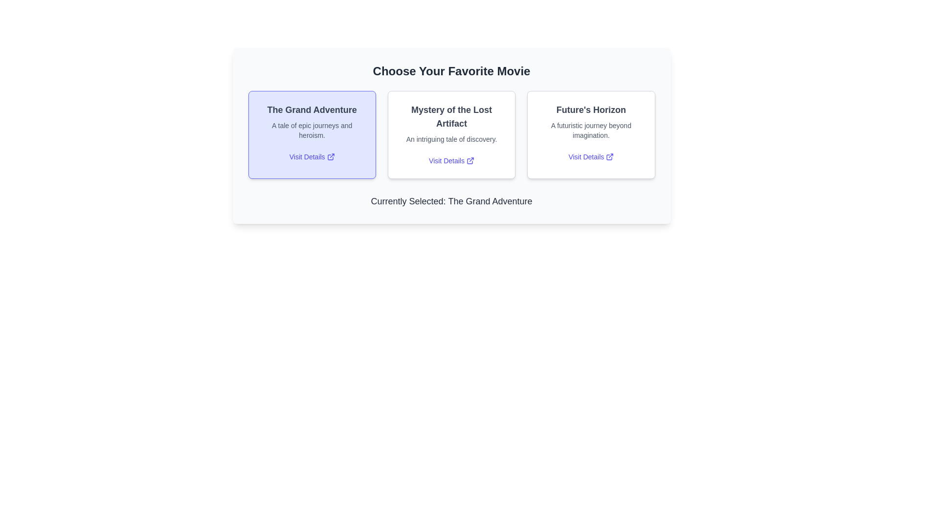  Describe the element at coordinates (590, 156) in the screenshot. I see `the hyperlink with an external icon for the movie 'Future's Horizon'` at that location.